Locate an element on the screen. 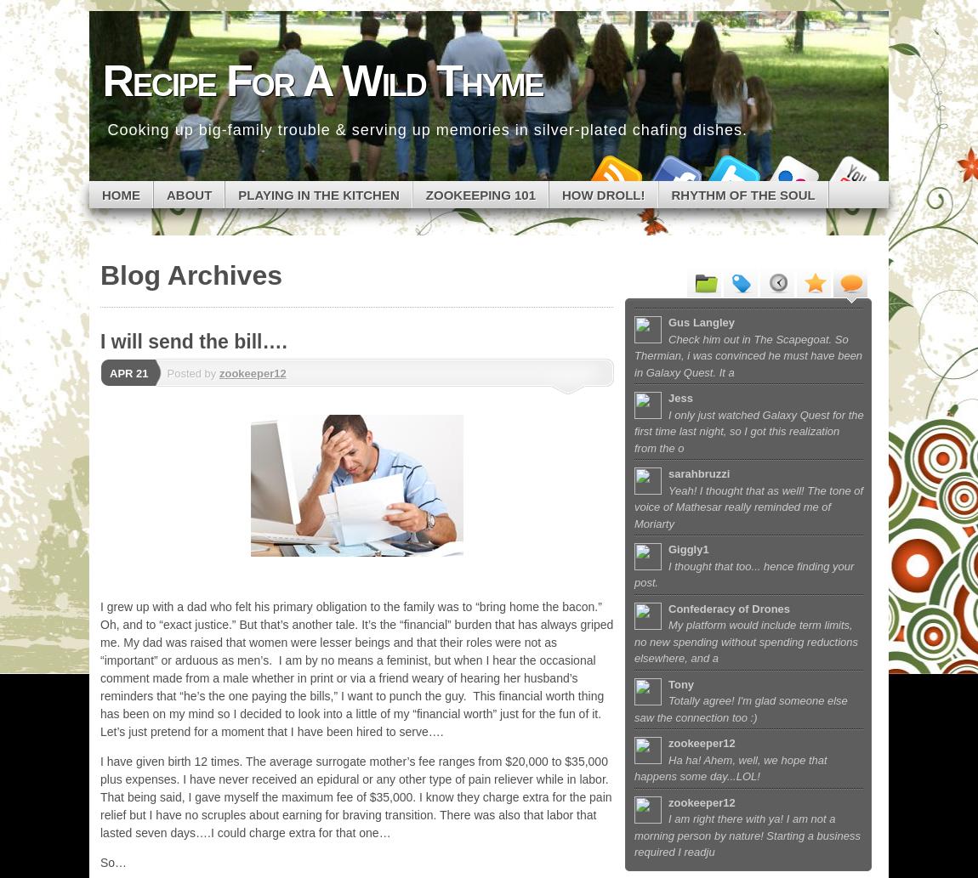 The width and height of the screenshot is (978, 878). 'So…' is located at coordinates (112, 862).